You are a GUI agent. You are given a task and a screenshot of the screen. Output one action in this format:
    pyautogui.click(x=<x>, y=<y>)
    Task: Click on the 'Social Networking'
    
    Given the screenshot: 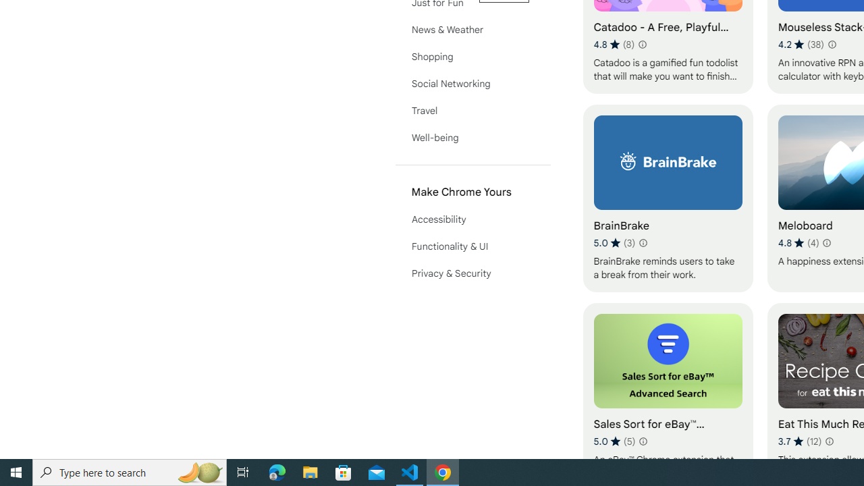 What is the action you would take?
    pyautogui.click(x=473, y=83)
    